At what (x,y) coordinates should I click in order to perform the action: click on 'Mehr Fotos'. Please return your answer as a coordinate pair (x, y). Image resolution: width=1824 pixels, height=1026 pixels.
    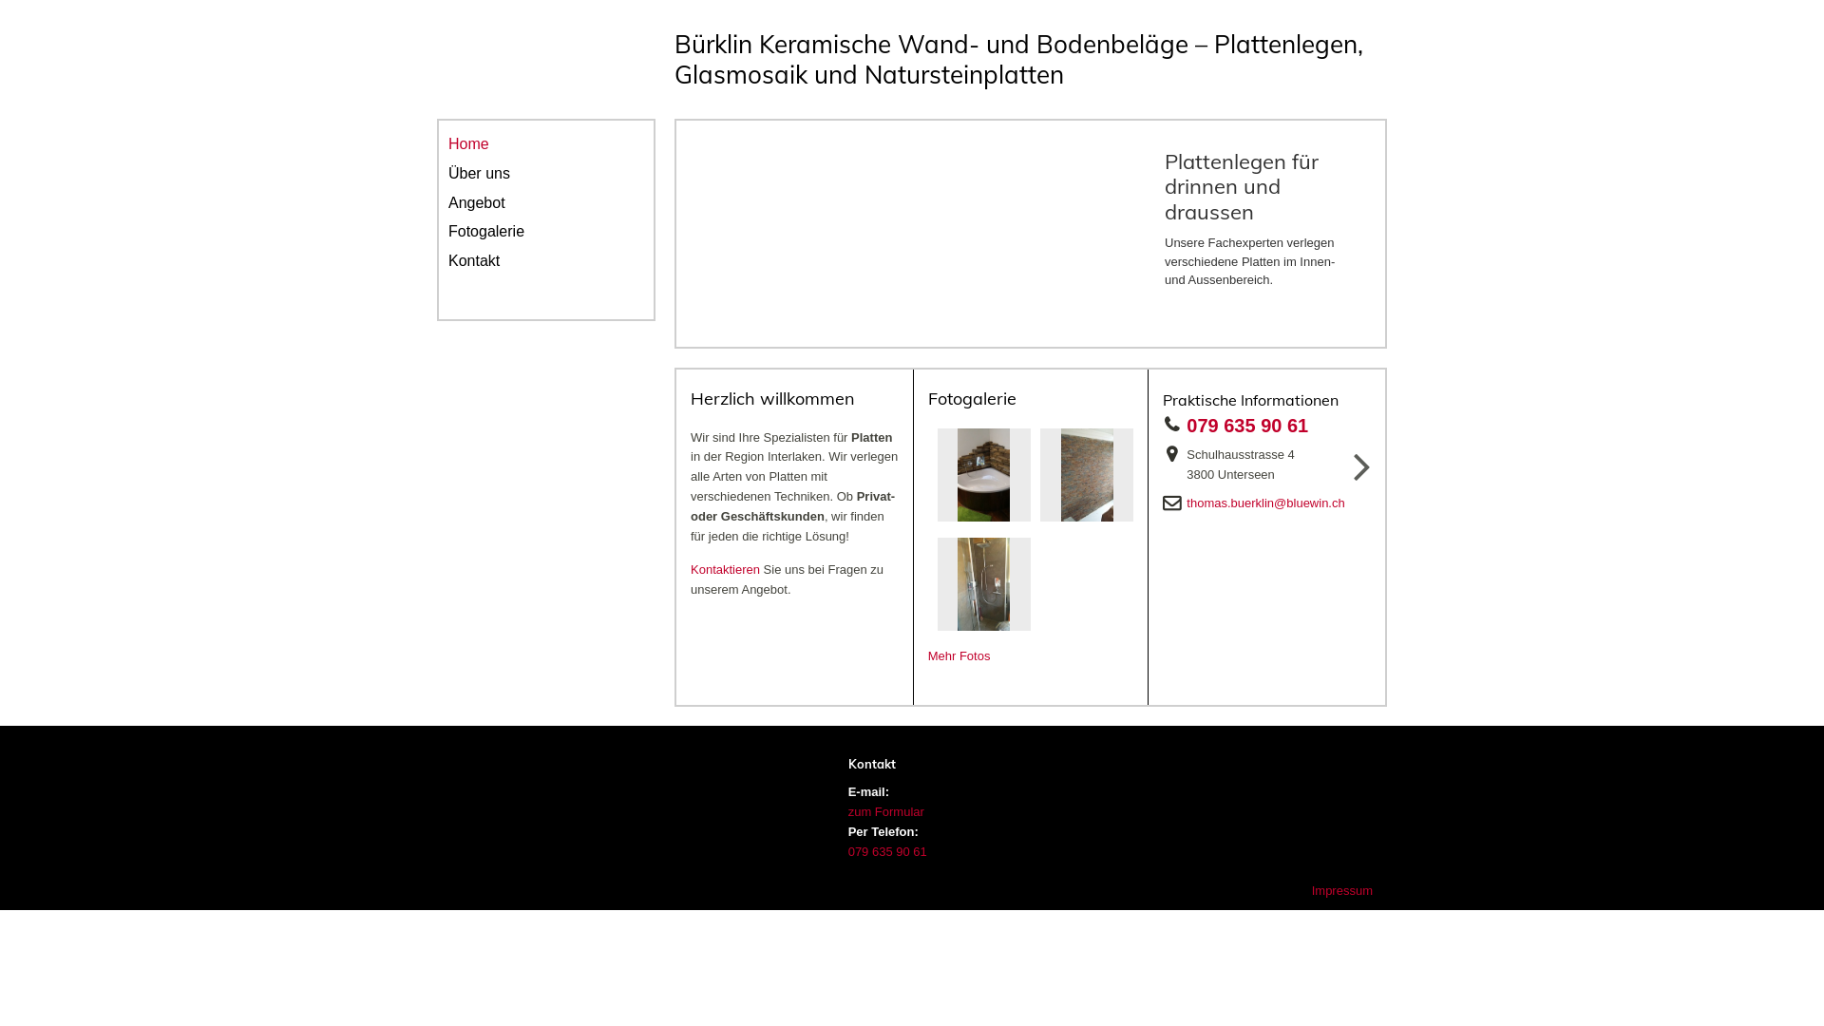
    Looking at the image, I should click on (959, 655).